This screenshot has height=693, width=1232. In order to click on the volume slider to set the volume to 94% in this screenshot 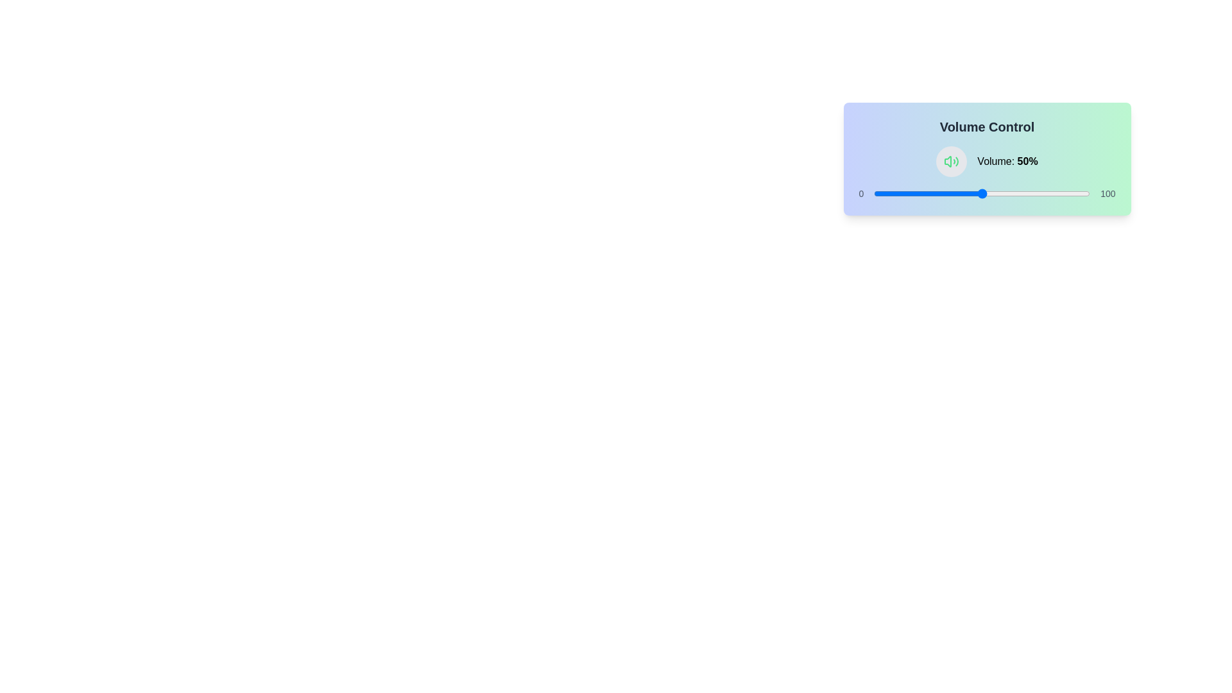, I will do `click(1077, 193)`.